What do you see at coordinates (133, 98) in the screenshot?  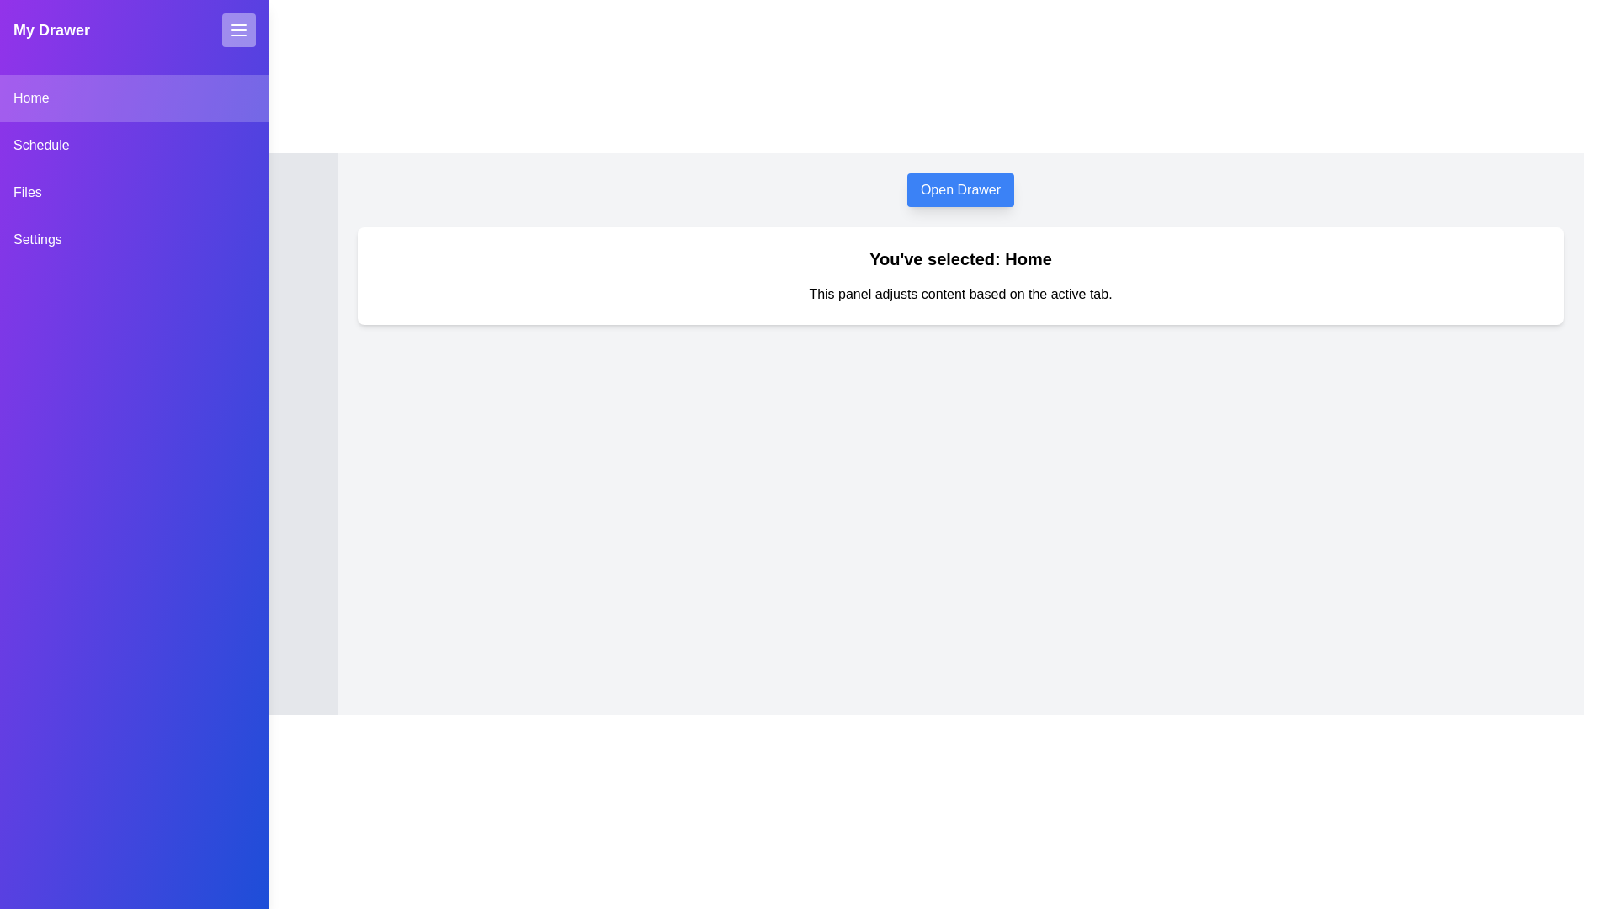 I see `the Home tab from the drawer menu` at bounding box center [133, 98].